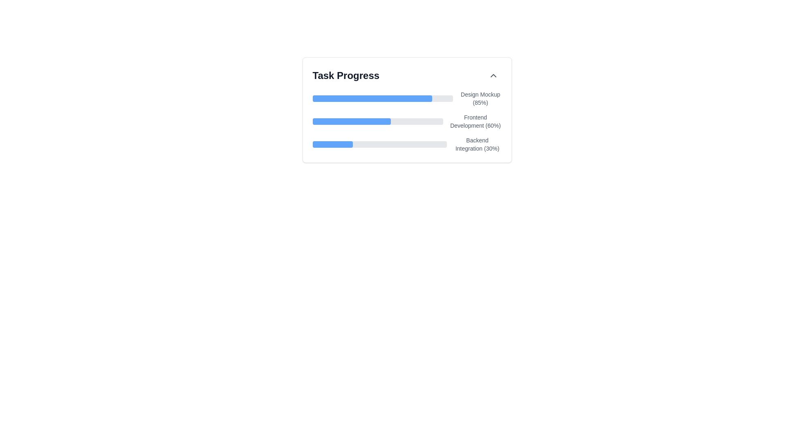 This screenshot has height=442, width=785. Describe the element at coordinates (493, 76) in the screenshot. I see `the upward-pointing chevron-shaped icon located in the top-right corner of the 'Task Progress' card interface` at that location.